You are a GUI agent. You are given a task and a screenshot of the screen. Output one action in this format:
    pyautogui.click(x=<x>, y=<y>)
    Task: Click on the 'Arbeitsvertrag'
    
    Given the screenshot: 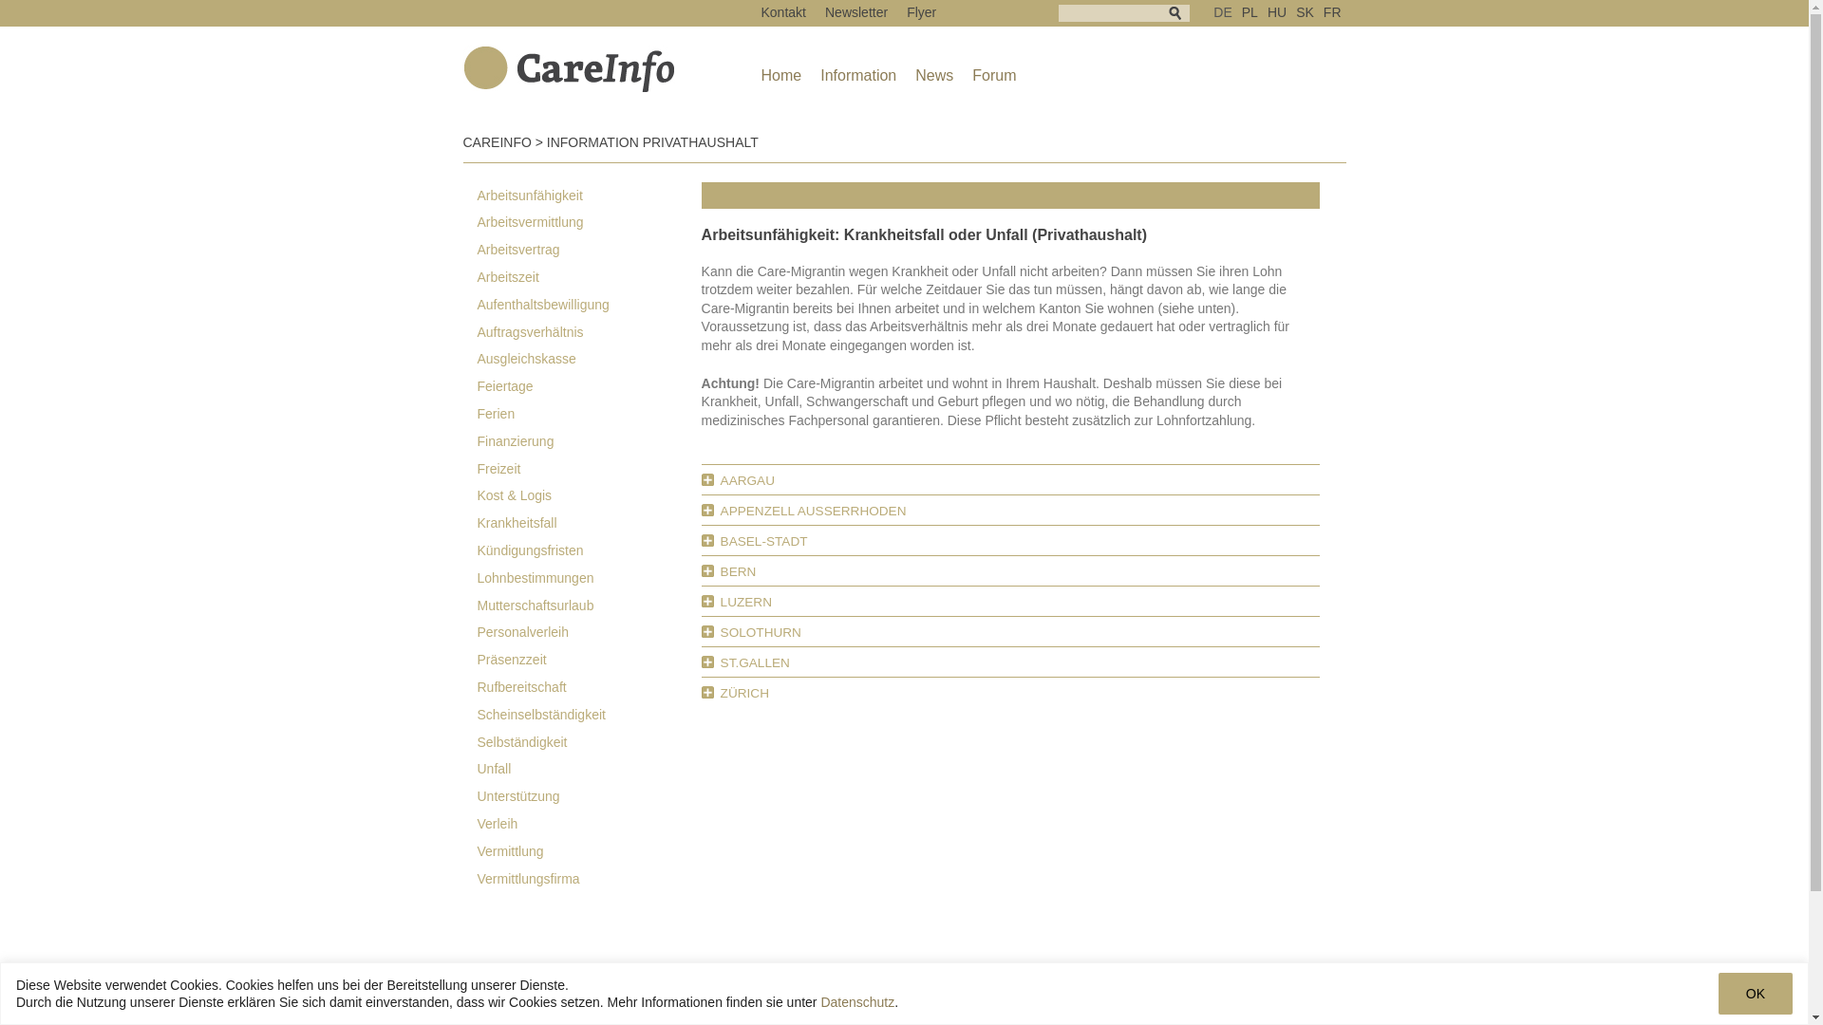 What is the action you would take?
    pyautogui.click(x=463, y=249)
    